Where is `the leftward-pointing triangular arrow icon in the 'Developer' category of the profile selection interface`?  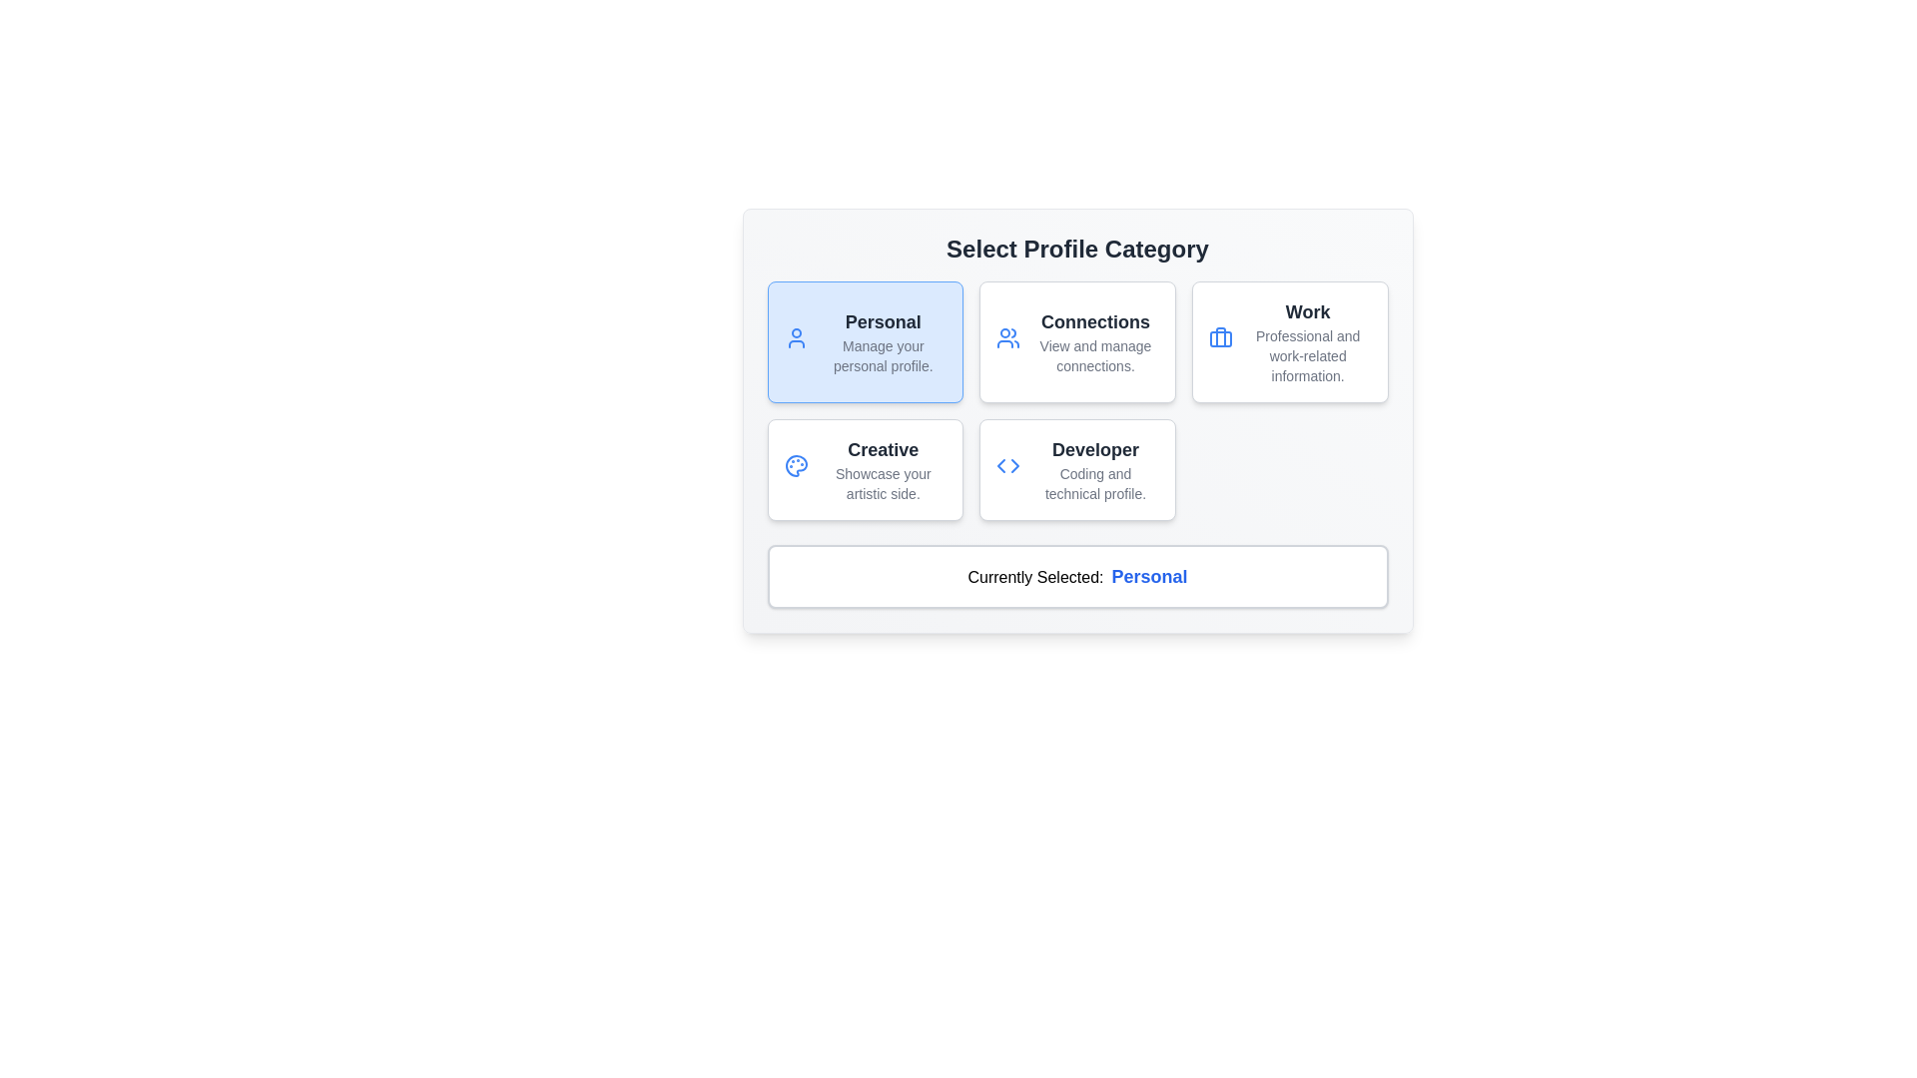 the leftward-pointing triangular arrow icon in the 'Developer' category of the profile selection interface is located at coordinates (1001, 465).